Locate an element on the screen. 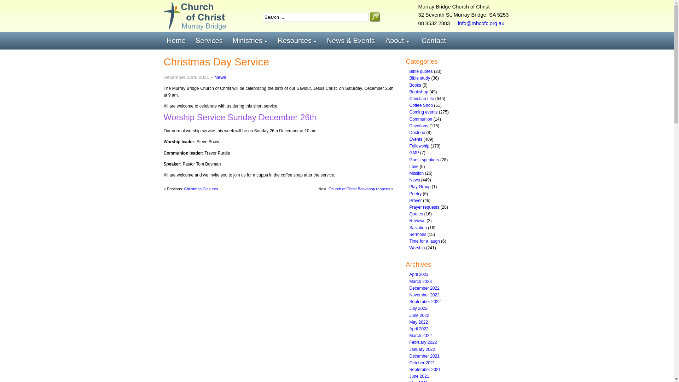 The height and width of the screenshot is (382, 679). 'June 2021' is located at coordinates (409, 376).